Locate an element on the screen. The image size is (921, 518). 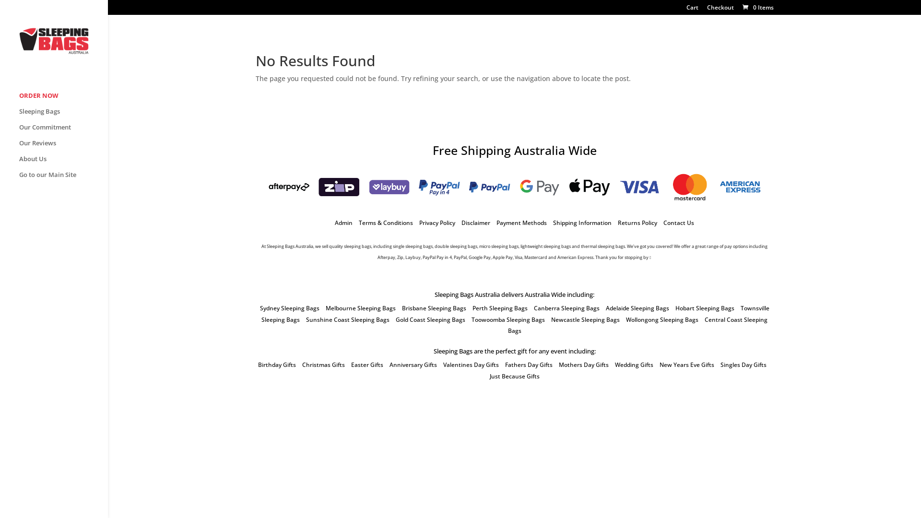
'Canberra Sleeping Bags' is located at coordinates (533, 308).